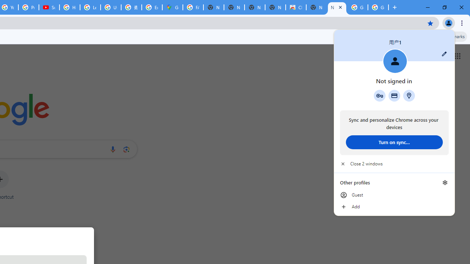 This screenshot has width=470, height=264. I want to click on 'Google Password Manager', so click(379, 95).